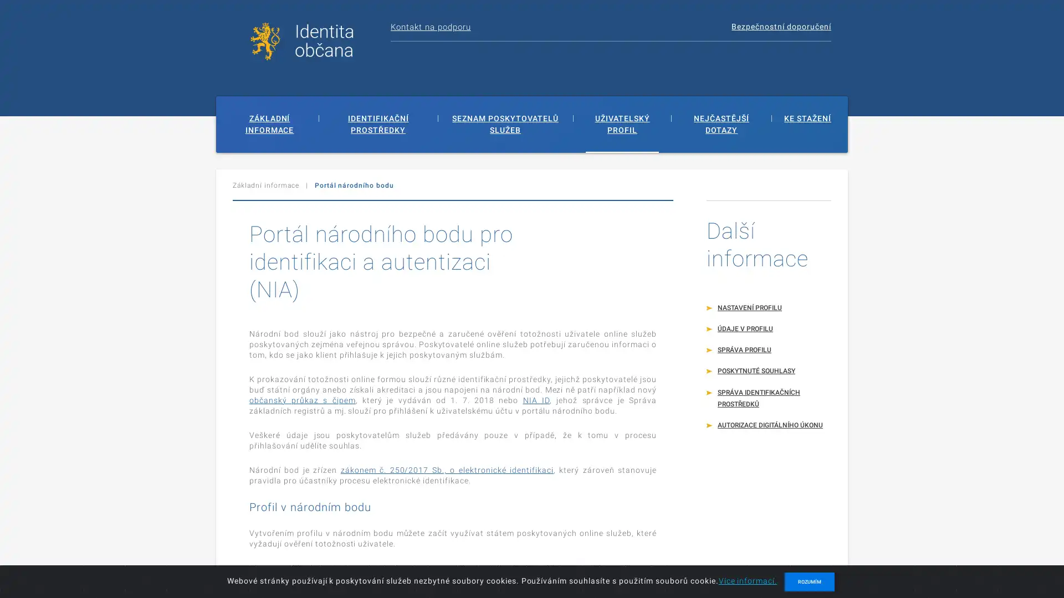  I want to click on ROZUMIM, so click(809, 580).